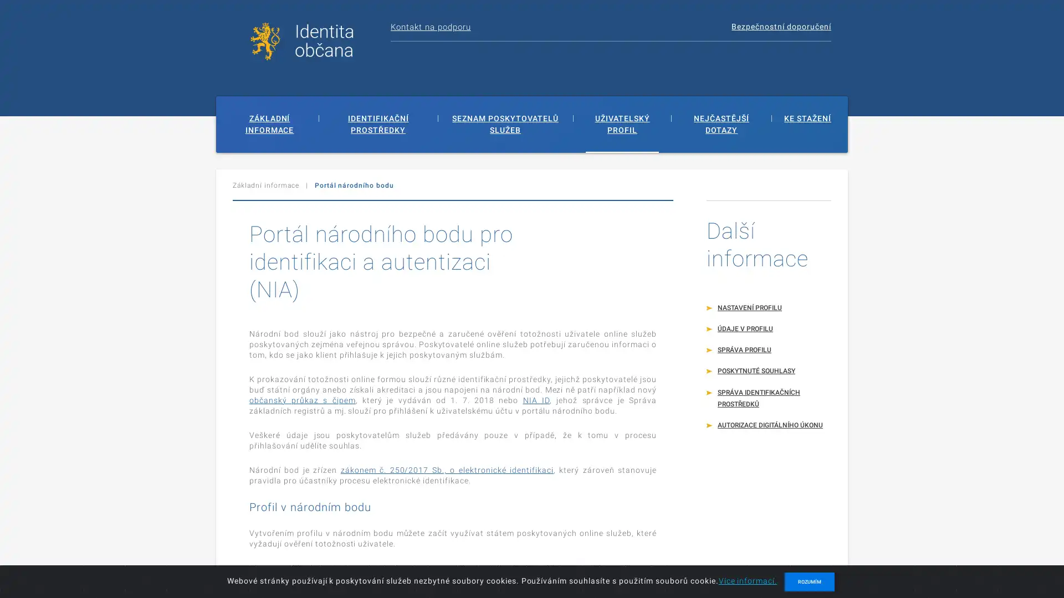  I want to click on ROZUMIM, so click(809, 580).